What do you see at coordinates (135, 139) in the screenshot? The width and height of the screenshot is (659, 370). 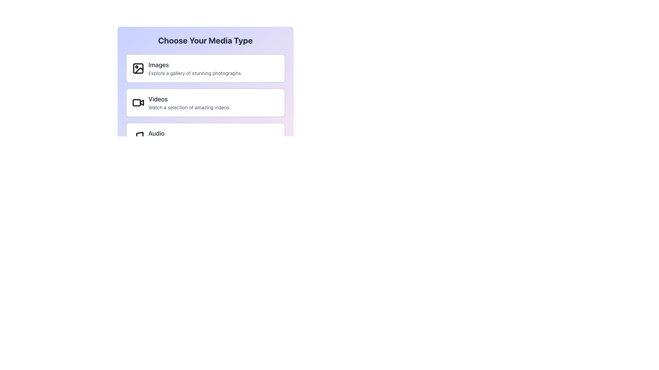 I see `the Circle element within the 'lucide-music' SVG icon, which is located at the bottom-left of the icon in the bottom-right segment of the interface` at bounding box center [135, 139].